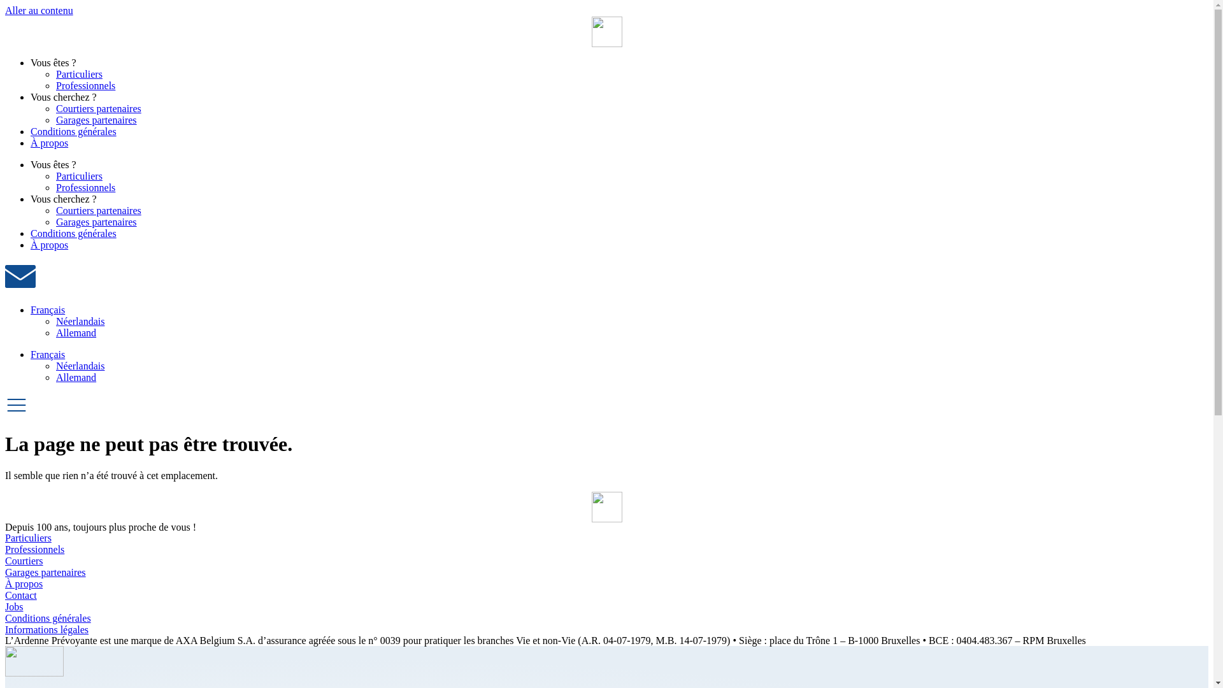  I want to click on 'Particuliers', so click(606, 538).